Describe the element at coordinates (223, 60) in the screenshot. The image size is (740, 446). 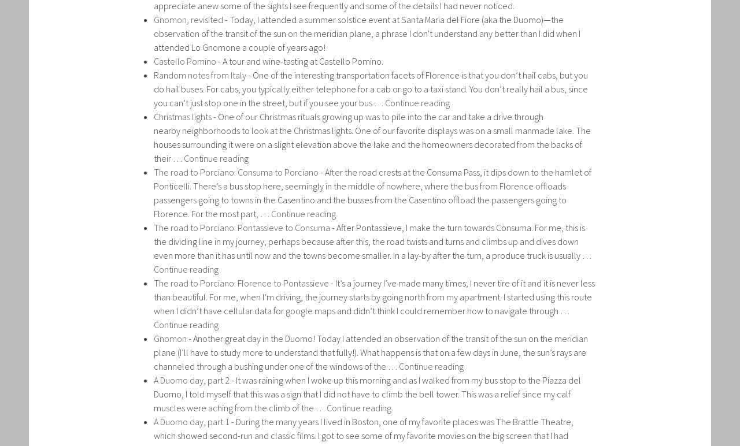
I see `'A tour and wine-tasting at Castello Pomino.'` at that location.